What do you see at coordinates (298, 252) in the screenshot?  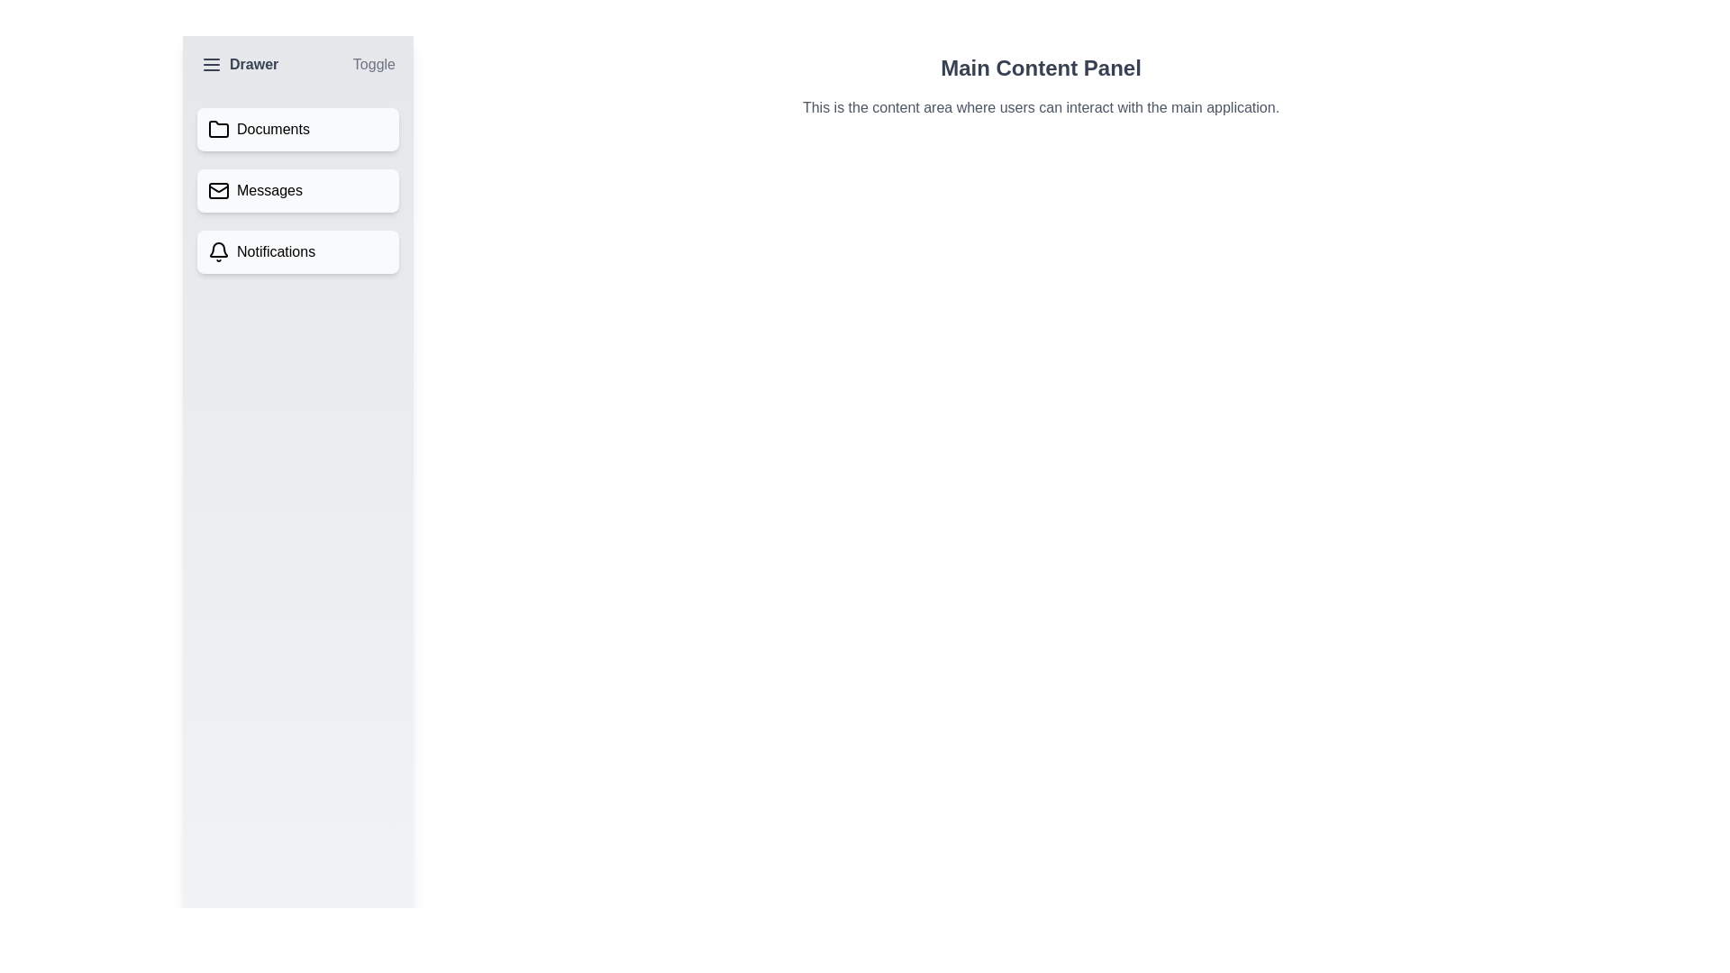 I see `the 'Notifications' button` at bounding box center [298, 252].